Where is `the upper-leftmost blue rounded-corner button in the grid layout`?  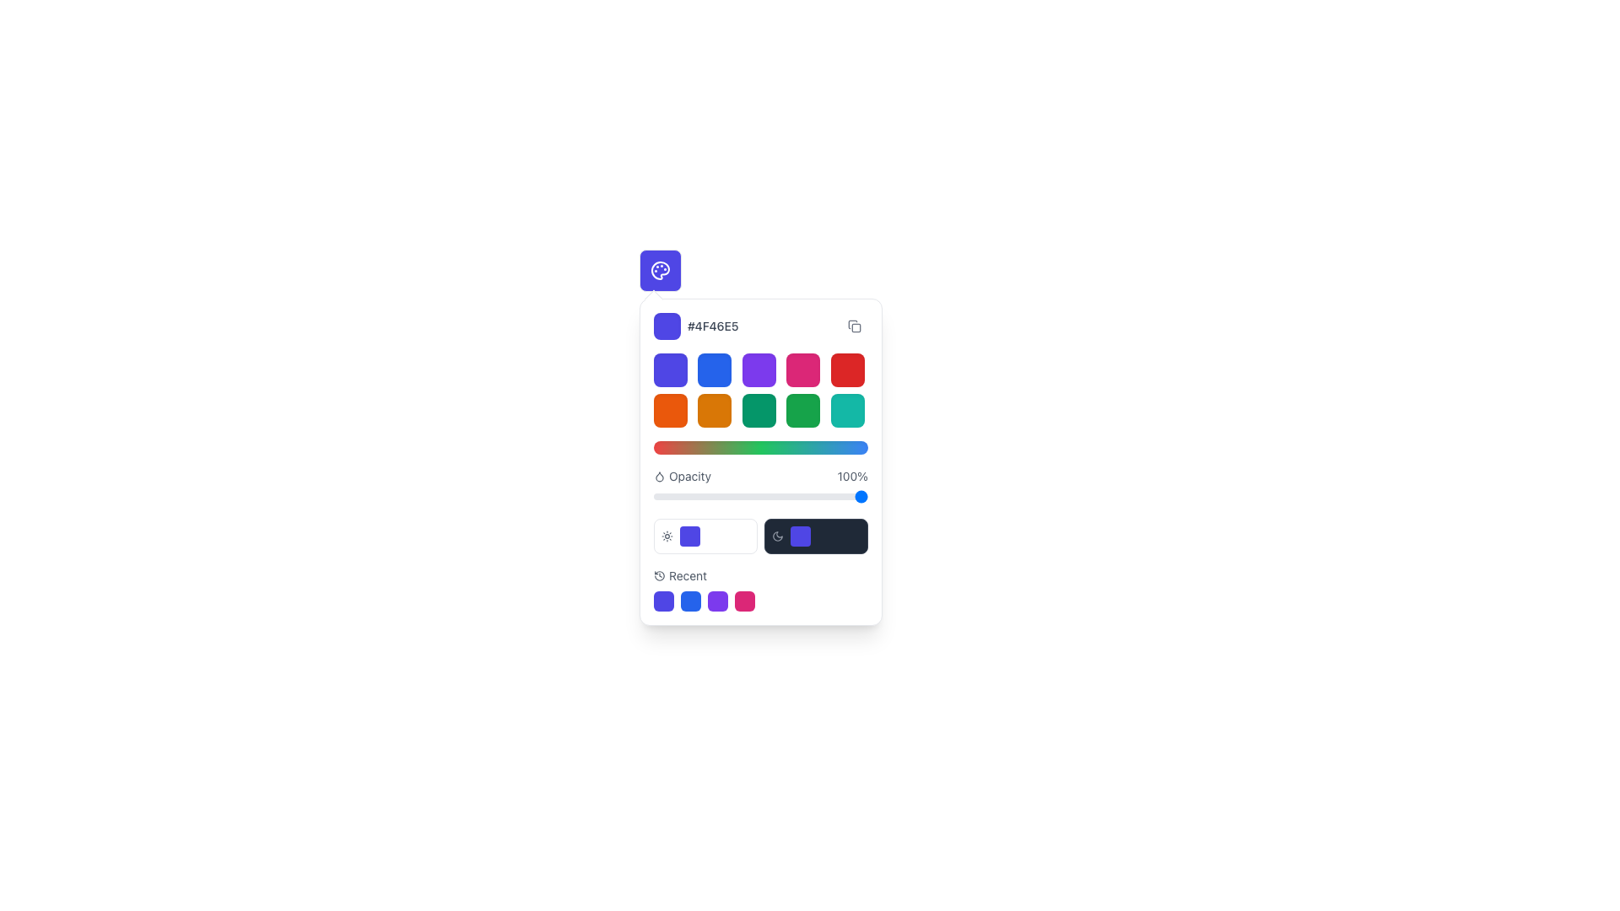
the upper-leftmost blue rounded-corner button in the grid layout is located at coordinates (670, 369).